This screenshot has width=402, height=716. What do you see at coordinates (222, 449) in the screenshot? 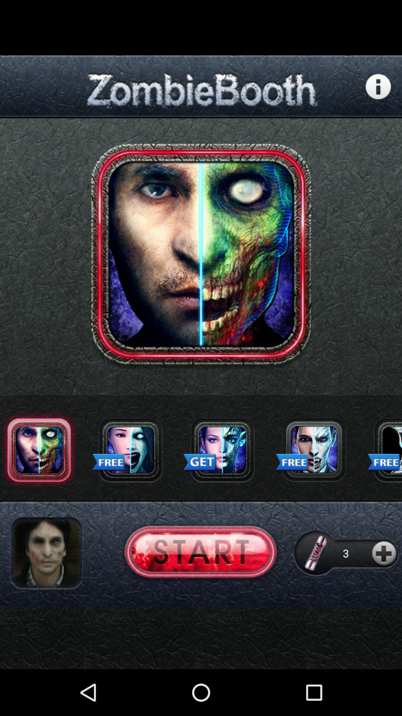
I see `press to get` at bounding box center [222, 449].